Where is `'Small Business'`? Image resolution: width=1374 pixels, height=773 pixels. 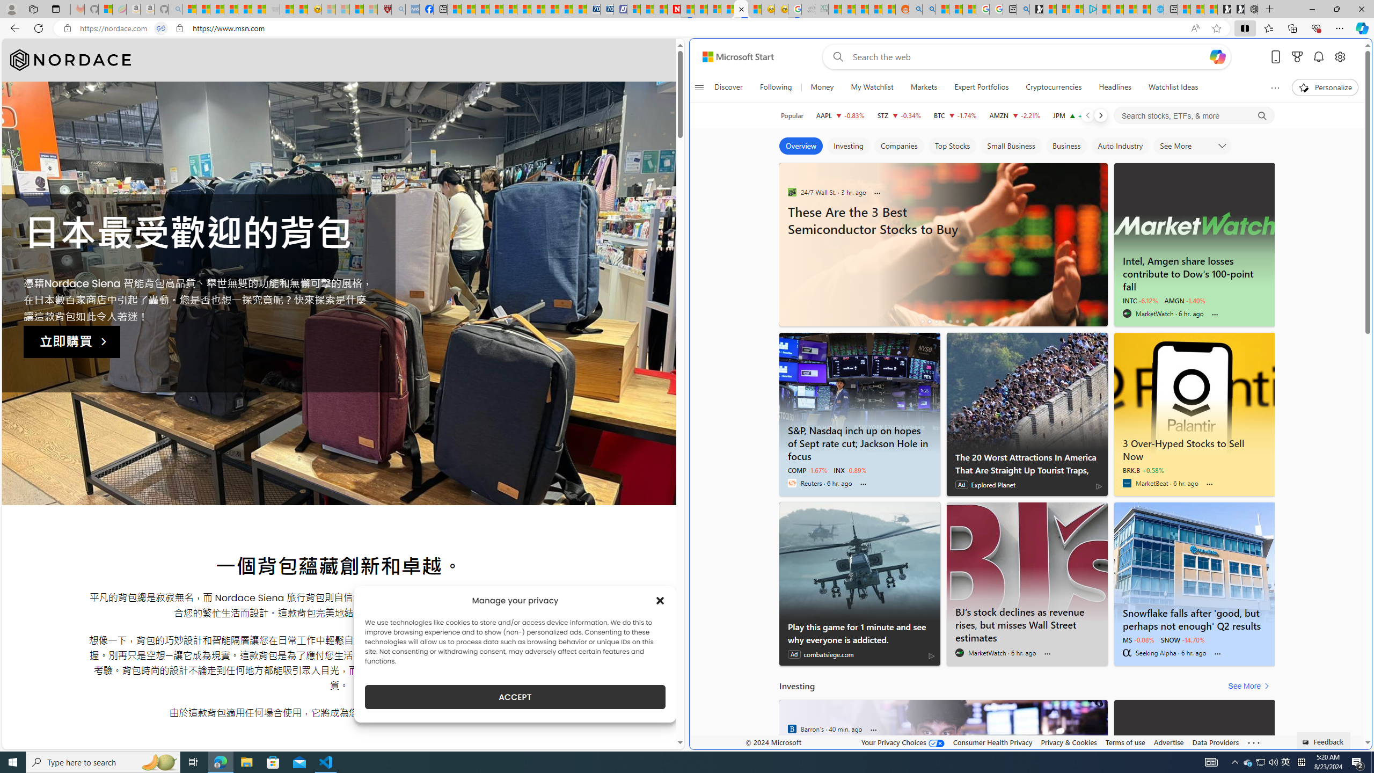
'Small Business' is located at coordinates (1011, 145).